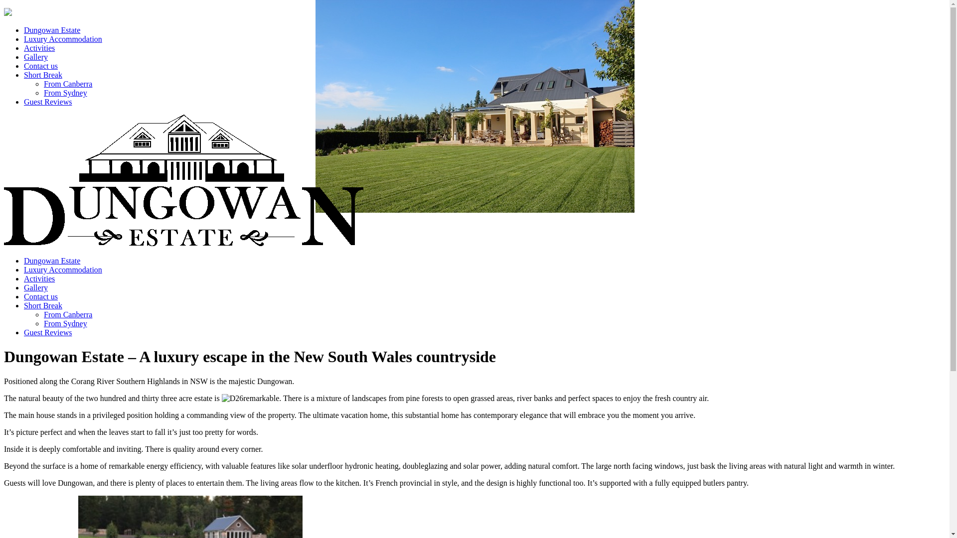 The height and width of the screenshot is (538, 957). Describe the element at coordinates (24, 74) in the screenshot. I see `'Short Break'` at that location.